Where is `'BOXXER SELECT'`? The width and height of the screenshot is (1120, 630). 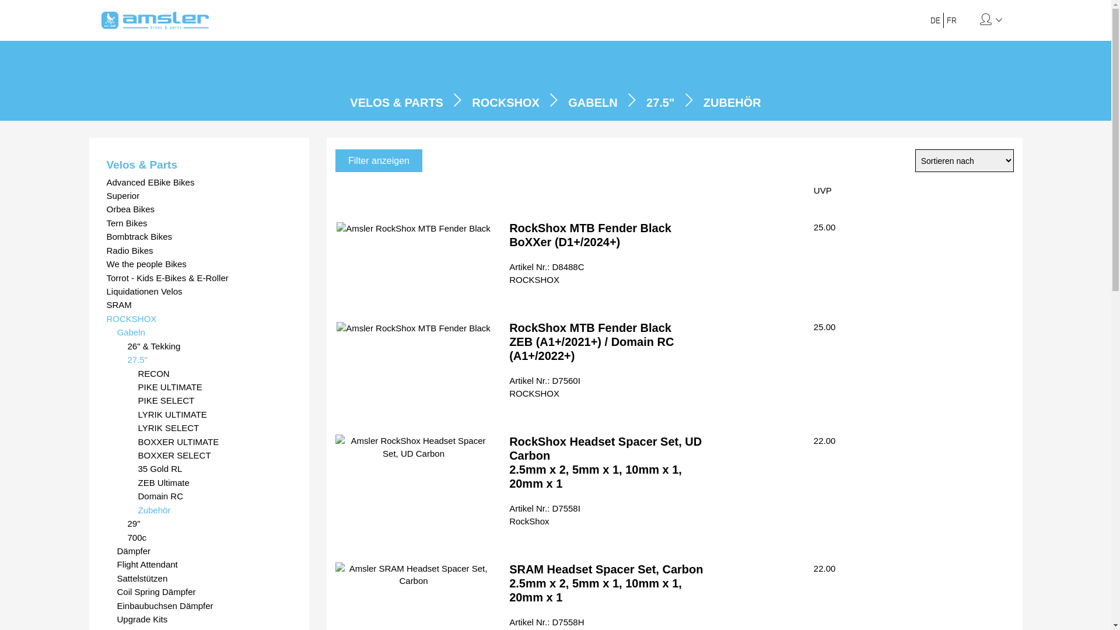
'BOXXER SELECT' is located at coordinates (215, 454).